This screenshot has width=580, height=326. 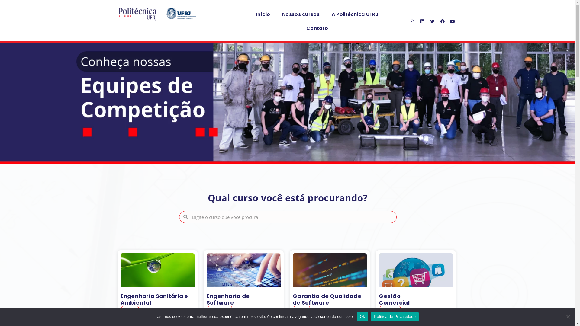 What do you see at coordinates (568, 316) in the screenshot?
I see `'No'` at bounding box center [568, 316].